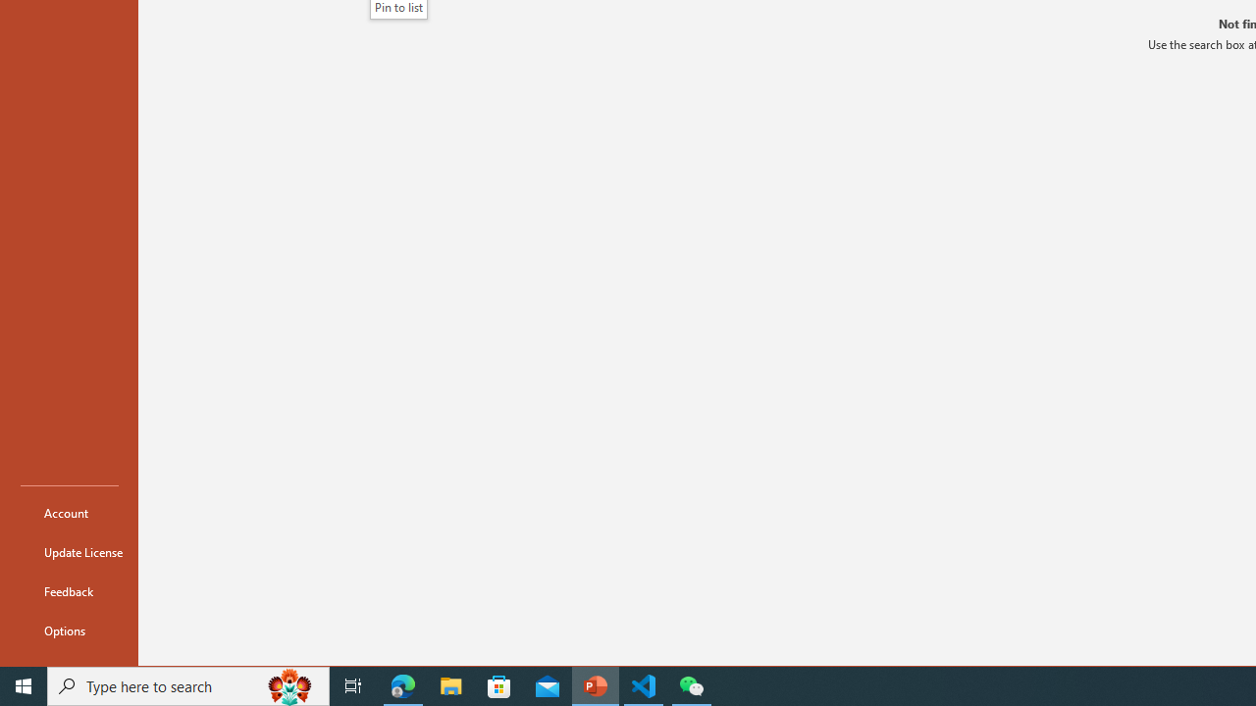  Describe the element at coordinates (70, 630) in the screenshot. I see `'Options'` at that location.